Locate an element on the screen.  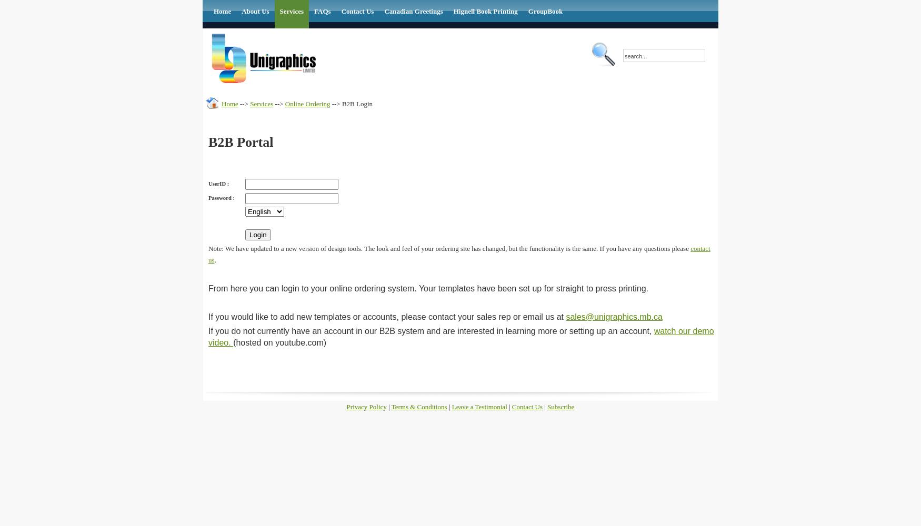
'About Us' is located at coordinates (242, 11).